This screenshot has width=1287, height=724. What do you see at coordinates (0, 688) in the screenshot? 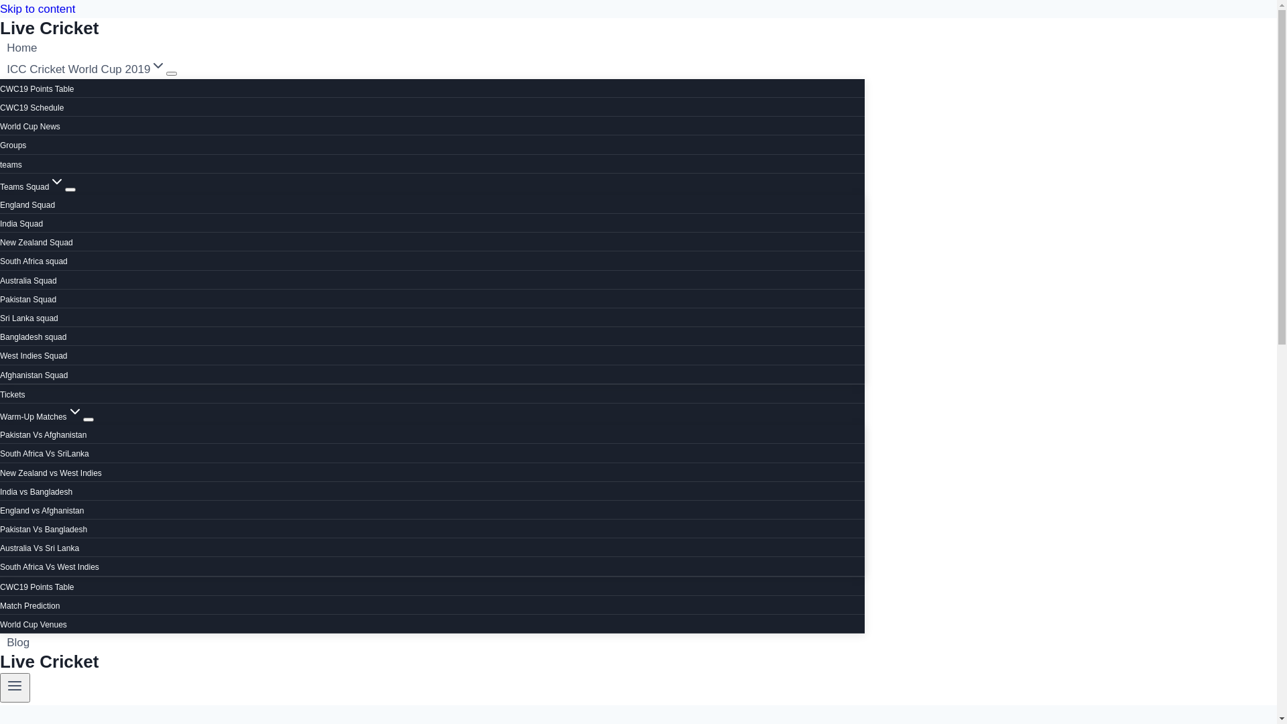
I see `'Toggle Menu'` at bounding box center [0, 688].